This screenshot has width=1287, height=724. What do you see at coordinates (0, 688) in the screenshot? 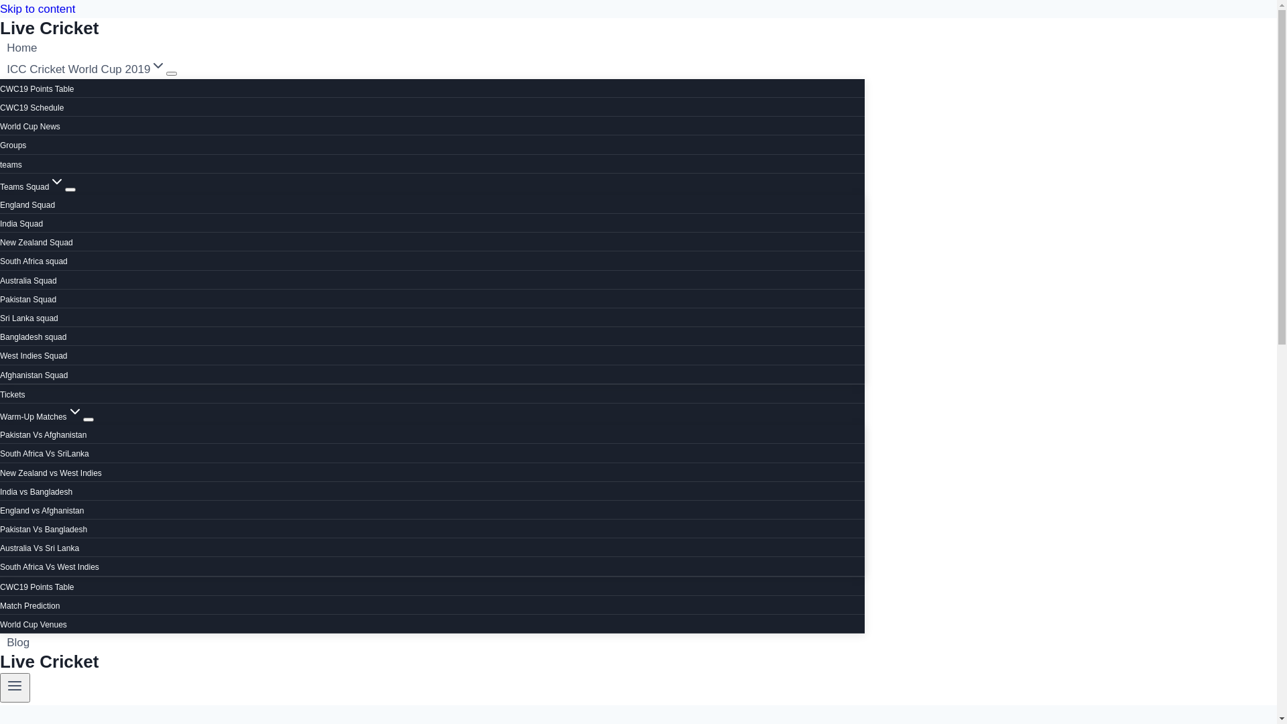
I see `'Toggle Menu'` at bounding box center [0, 688].